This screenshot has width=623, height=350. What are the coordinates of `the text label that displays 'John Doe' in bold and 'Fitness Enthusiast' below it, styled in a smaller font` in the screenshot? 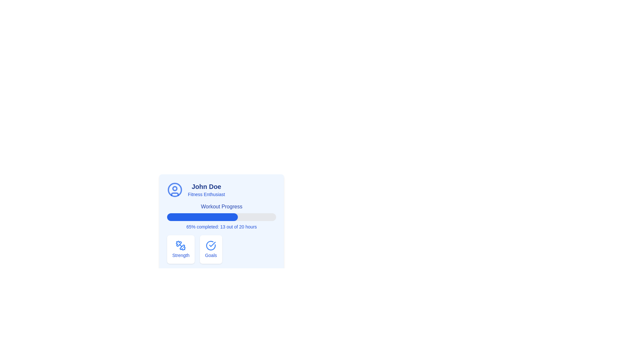 It's located at (206, 190).